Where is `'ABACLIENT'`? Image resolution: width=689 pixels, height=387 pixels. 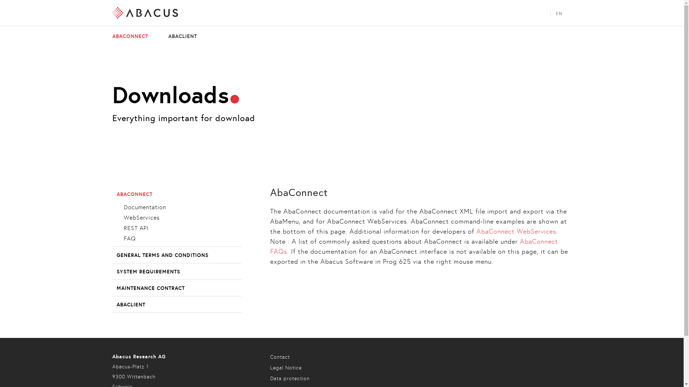 'ABACLIENT' is located at coordinates (178, 36).